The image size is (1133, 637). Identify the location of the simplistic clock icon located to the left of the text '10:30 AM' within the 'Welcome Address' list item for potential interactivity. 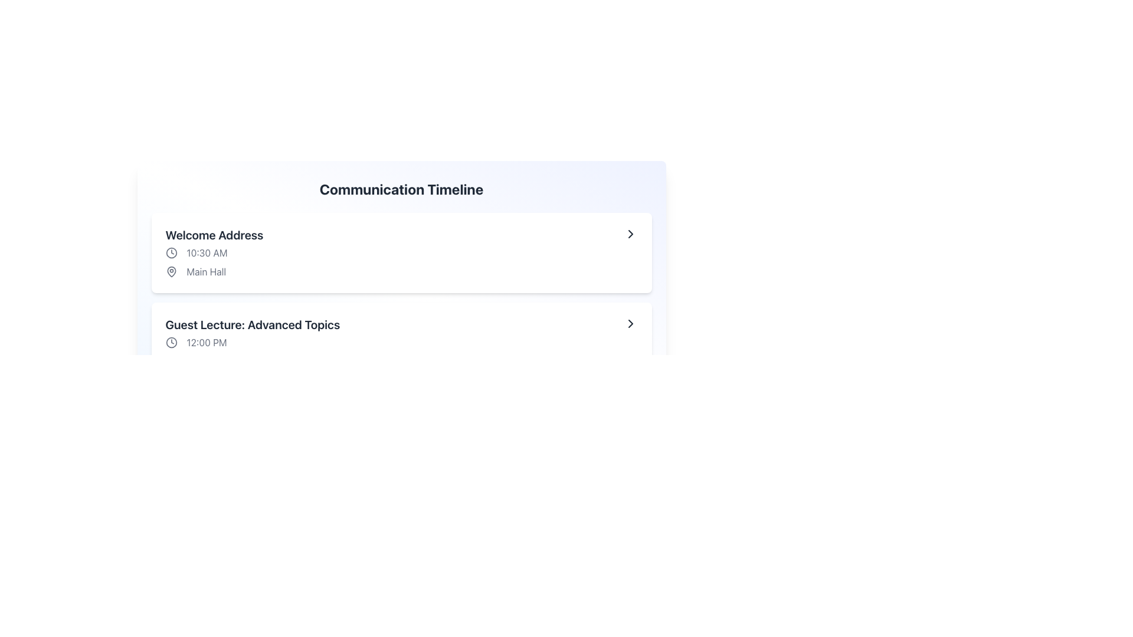
(171, 252).